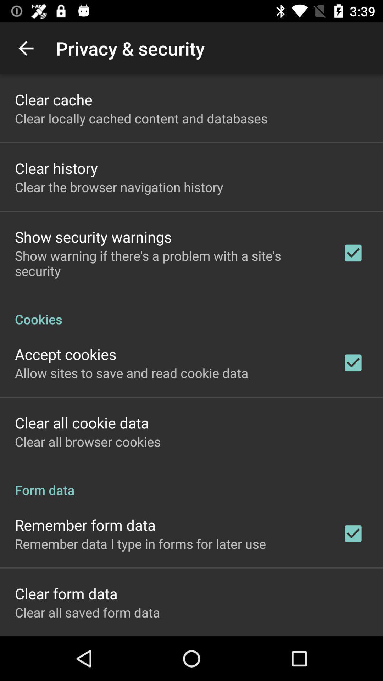  I want to click on the icon below show security warnings app, so click(169, 263).